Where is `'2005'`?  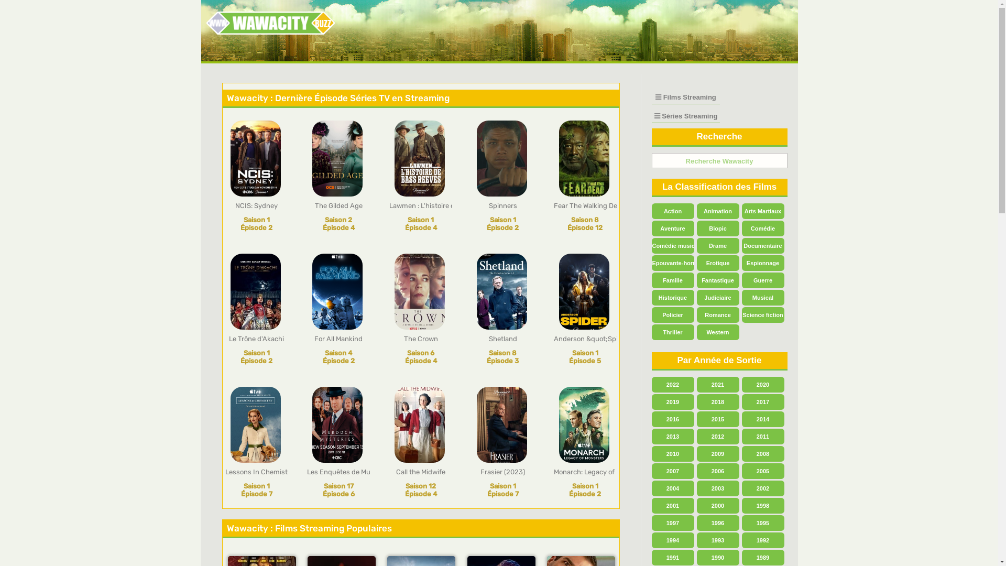 '2005' is located at coordinates (763, 470).